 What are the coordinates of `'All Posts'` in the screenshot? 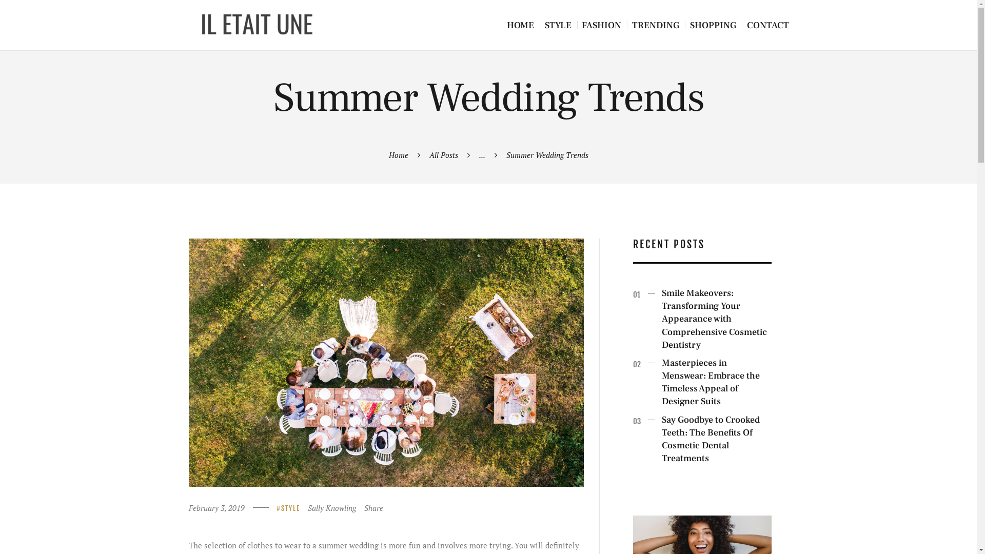 It's located at (443, 154).